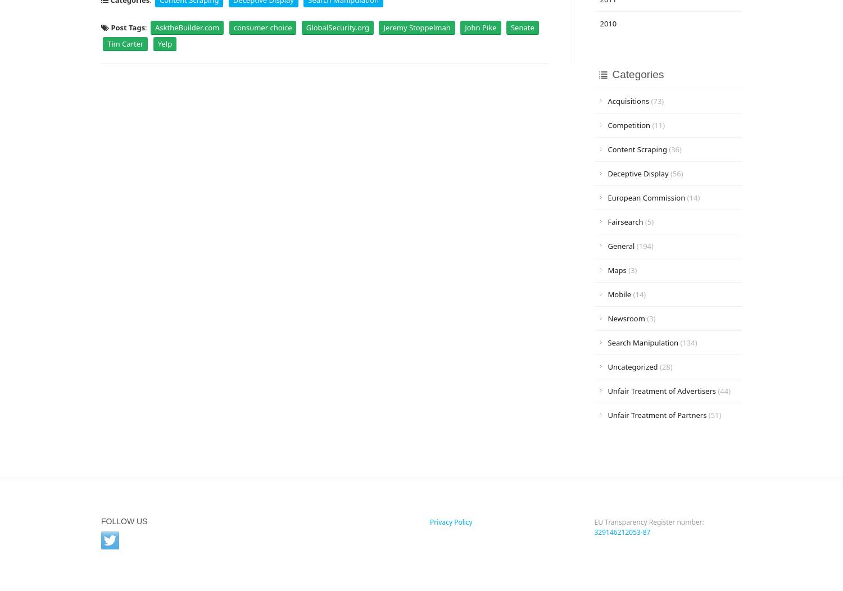 This screenshot has width=843, height=591. I want to click on 'AsktheBuilder.com', so click(186, 27).